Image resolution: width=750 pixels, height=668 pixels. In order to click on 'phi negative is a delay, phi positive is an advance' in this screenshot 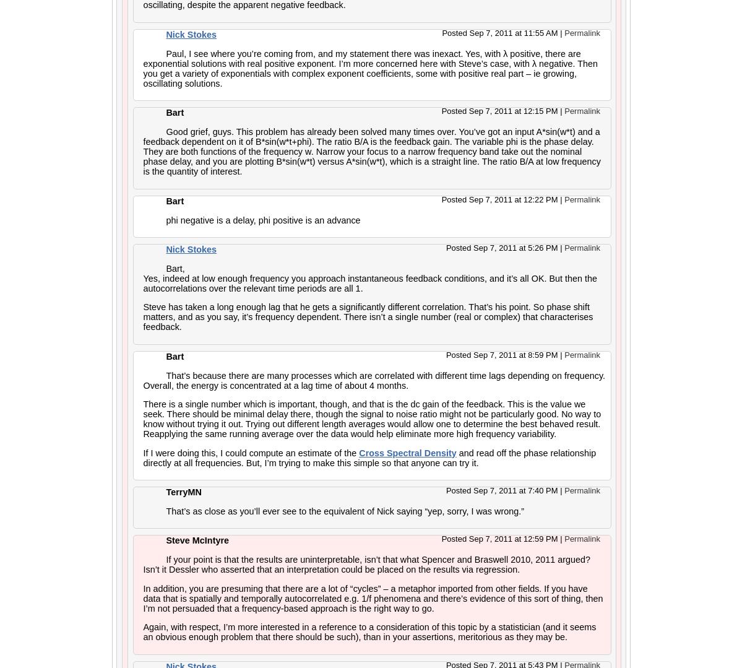, I will do `click(263, 219)`.